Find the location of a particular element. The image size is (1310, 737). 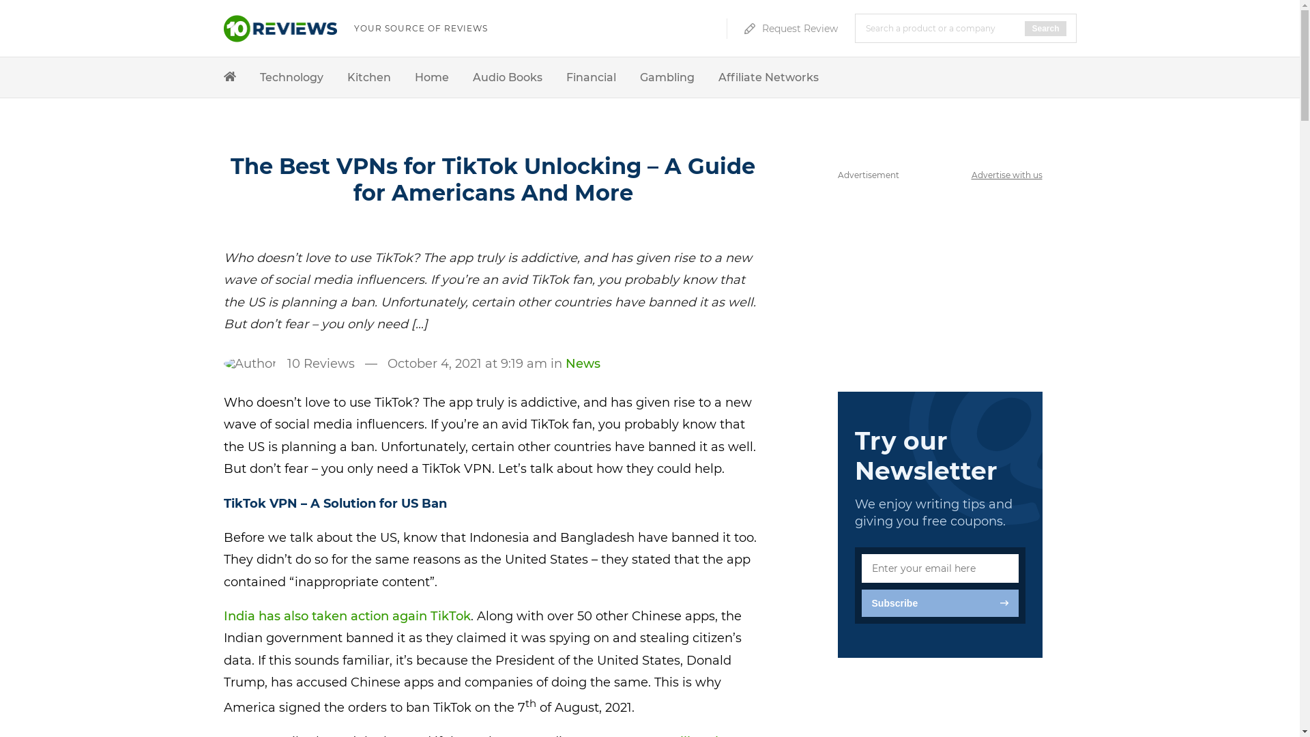

'Advertise with us' is located at coordinates (1007, 174).